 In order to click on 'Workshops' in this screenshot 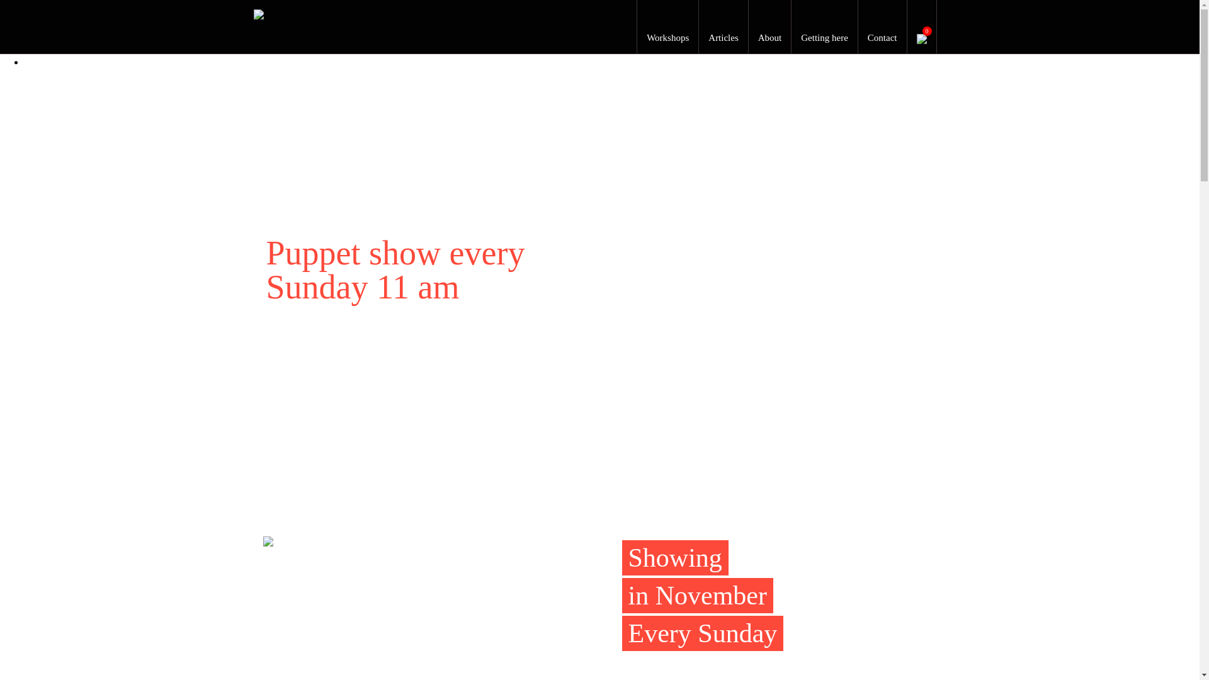, I will do `click(667, 37)`.